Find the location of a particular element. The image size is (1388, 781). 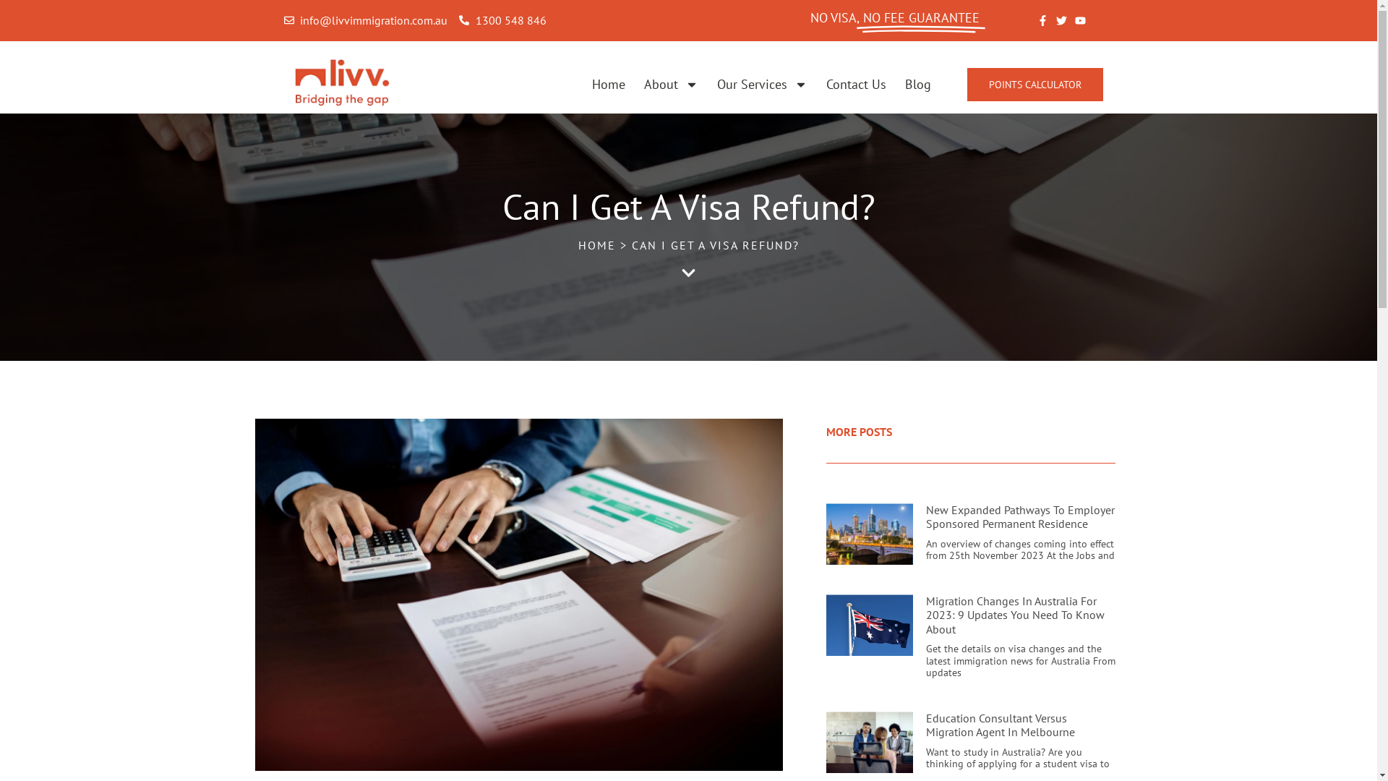

'Education Consultant Versus Migration Agent In Melbourne' is located at coordinates (998, 725).